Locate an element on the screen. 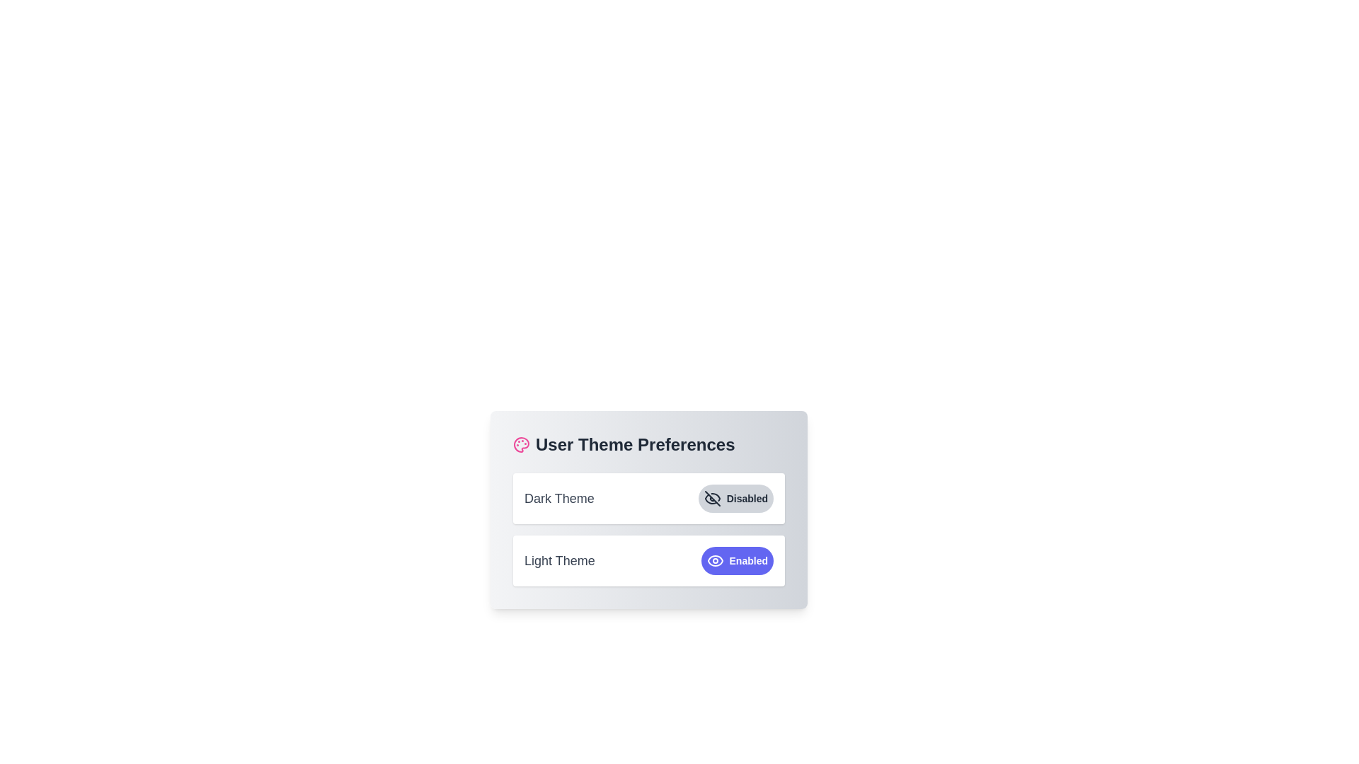  the ThemePreferencePanel to examine hover effects is located at coordinates (648, 510).